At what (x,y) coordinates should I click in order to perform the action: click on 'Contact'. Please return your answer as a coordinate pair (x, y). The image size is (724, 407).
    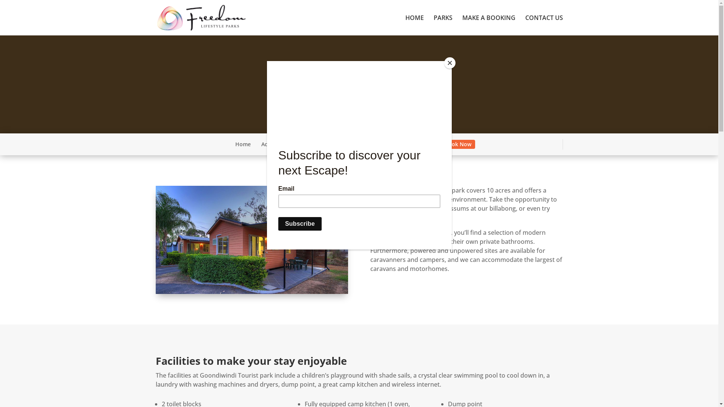
    Looking at the image, I should click on (424, 144).